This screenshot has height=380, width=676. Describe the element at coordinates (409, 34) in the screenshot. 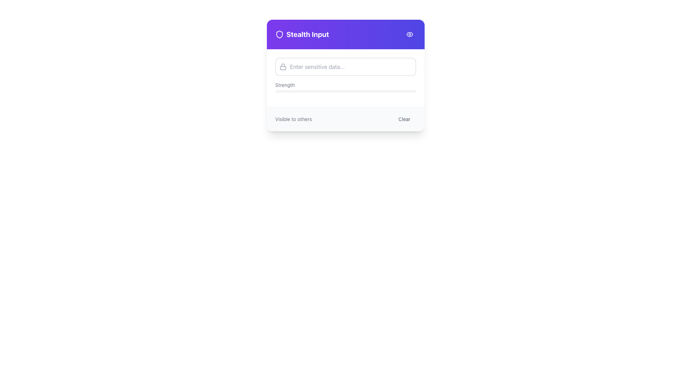

I see `the eye icon button in the upper-right section of the purple header of the 'Stealth Input' card` at that location.